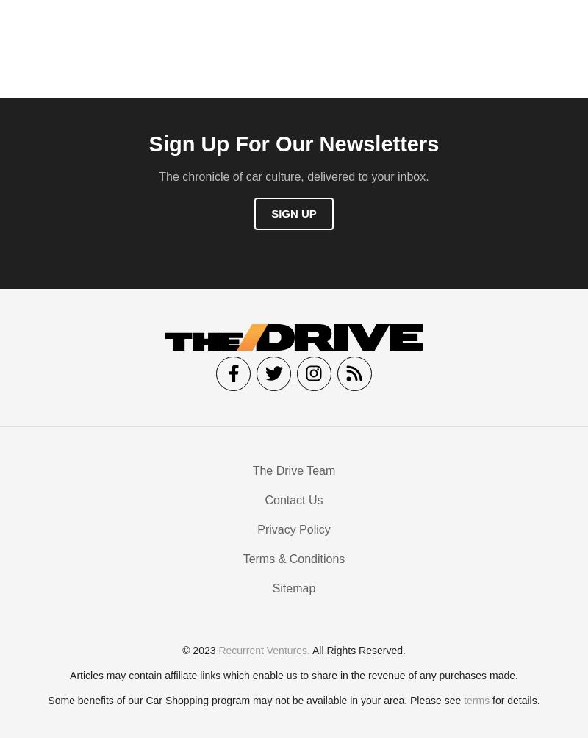  Describe the element at coordinates (293, 503) in the screenshot. I see `'Contact Us'` at that location.